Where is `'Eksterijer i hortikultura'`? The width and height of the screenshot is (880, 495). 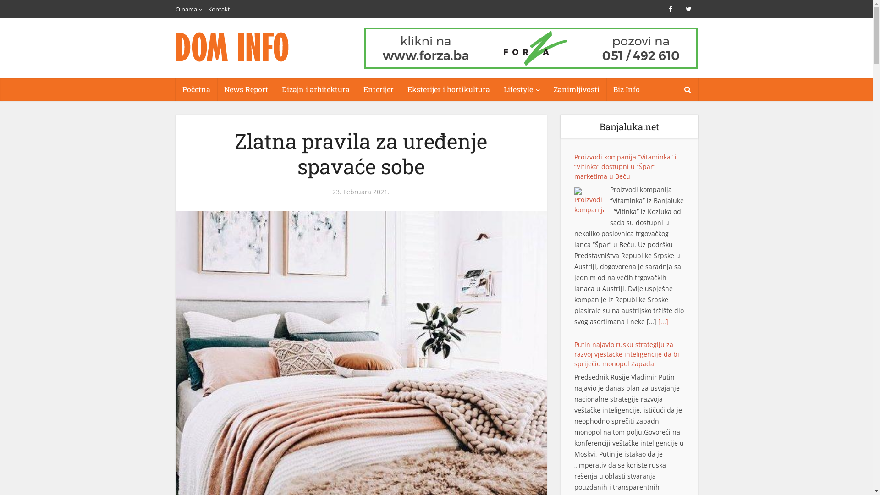
'Eksterijer i hortikultura' is located at coordinates (400, 89).